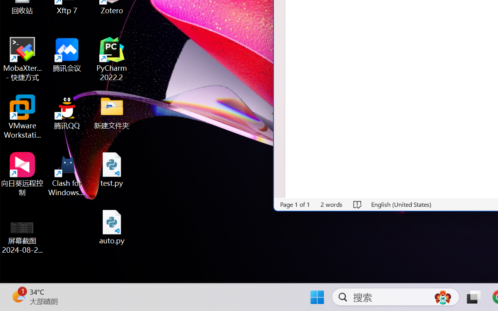 The width and height of the screenshot is (498, 311). What do you see at coordinates (112, 59) in the screenshot?
I see `'PyCharm 2022.2'` at bounding box center [112, 59].